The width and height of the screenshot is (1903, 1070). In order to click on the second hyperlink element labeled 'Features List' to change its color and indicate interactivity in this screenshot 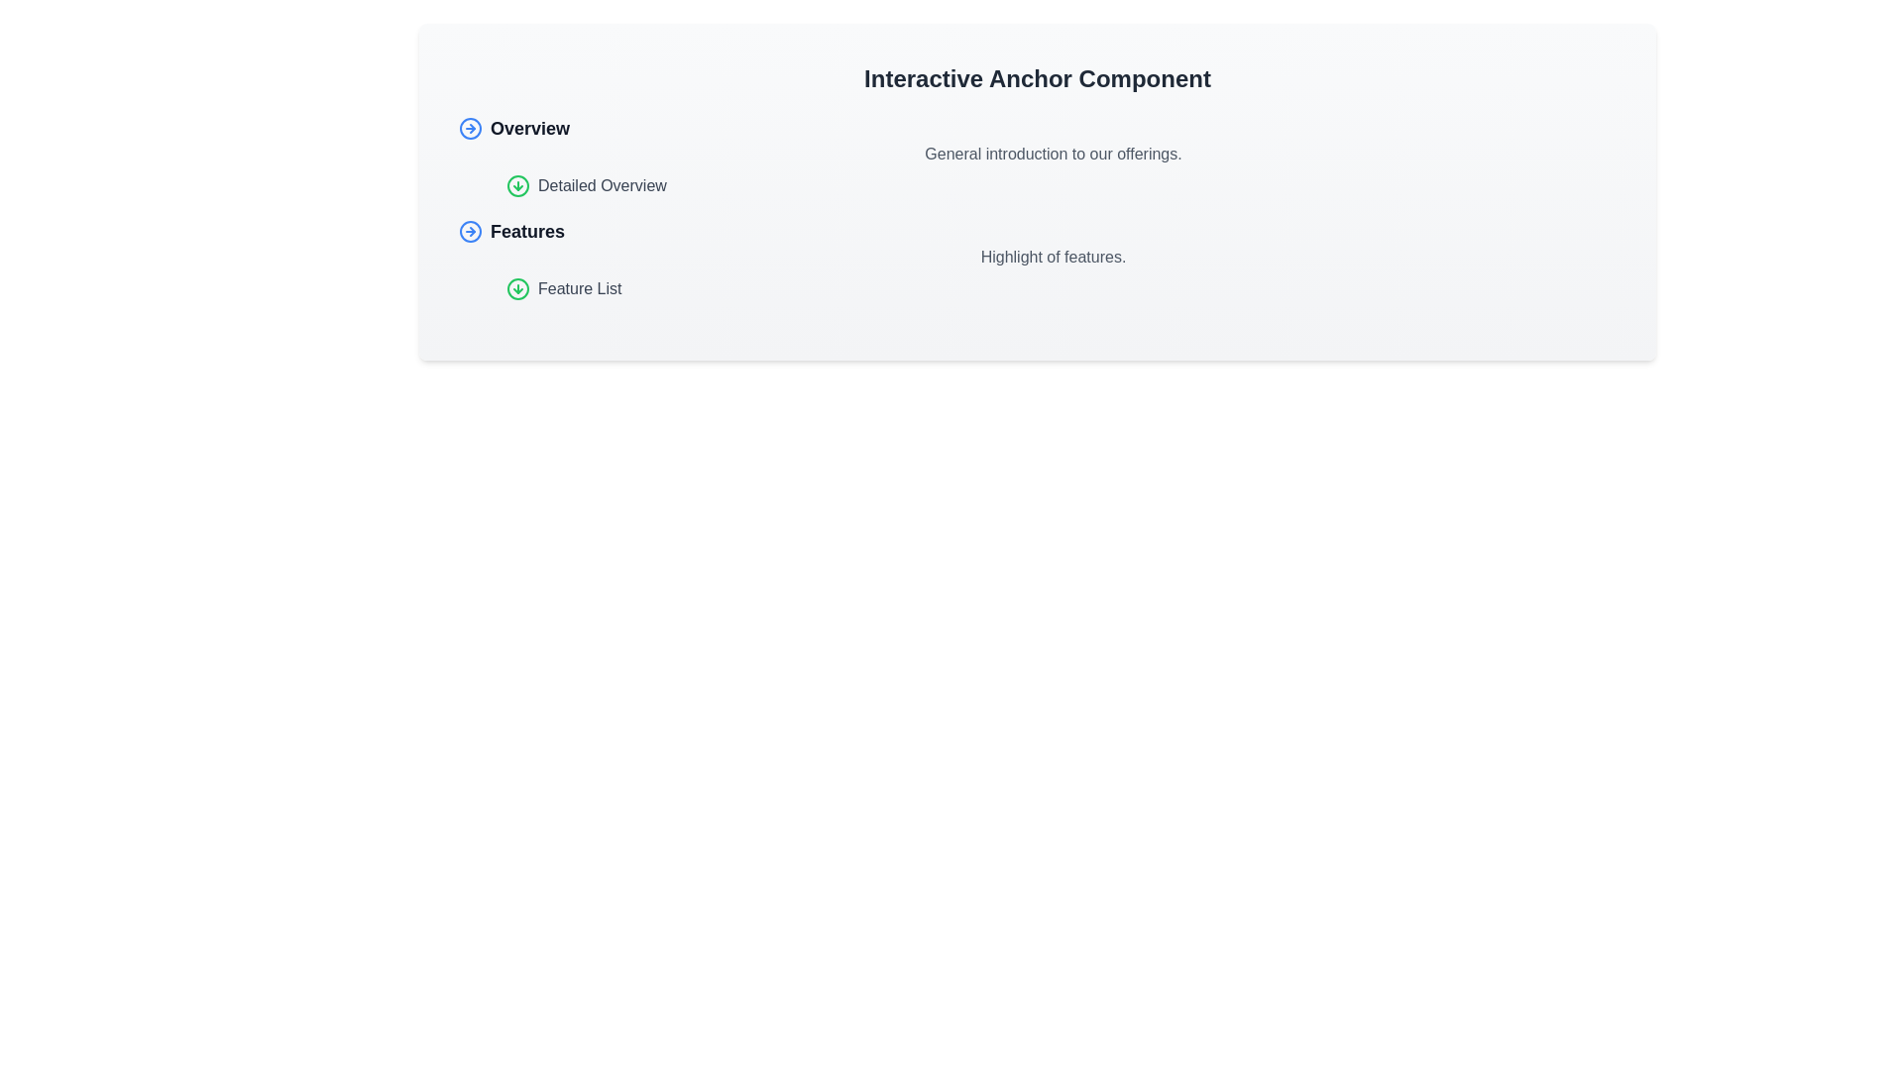, I will do `click(579, 289)`.